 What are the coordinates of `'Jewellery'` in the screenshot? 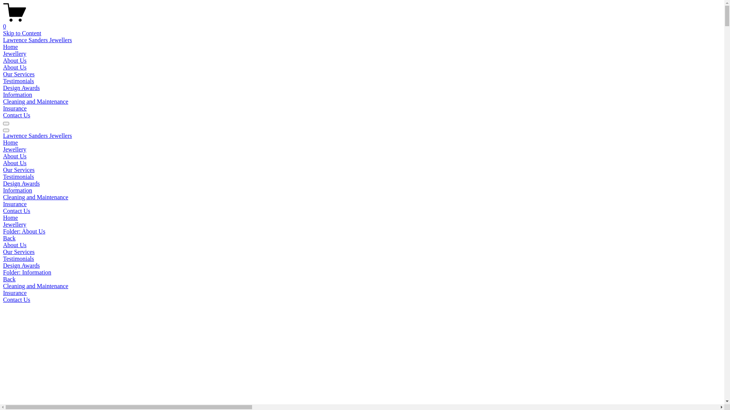 It's located at (3, 53).